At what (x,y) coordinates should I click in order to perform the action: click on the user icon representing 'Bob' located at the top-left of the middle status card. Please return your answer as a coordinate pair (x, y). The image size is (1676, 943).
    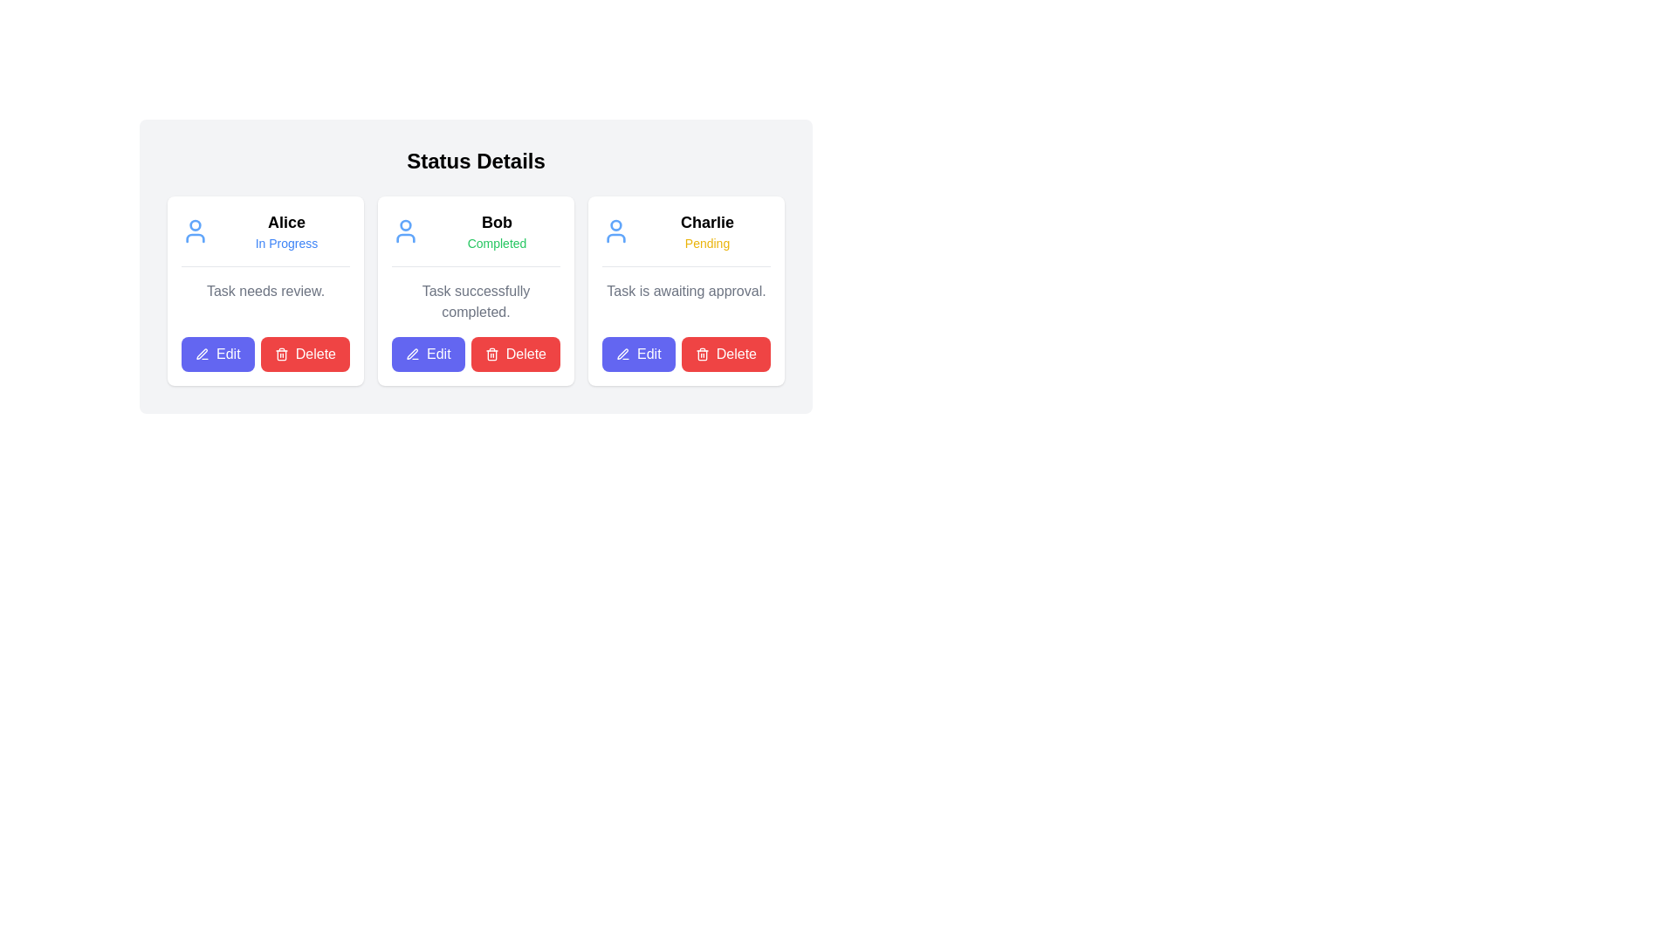
    Looking at the image, I should click on (405, 224).